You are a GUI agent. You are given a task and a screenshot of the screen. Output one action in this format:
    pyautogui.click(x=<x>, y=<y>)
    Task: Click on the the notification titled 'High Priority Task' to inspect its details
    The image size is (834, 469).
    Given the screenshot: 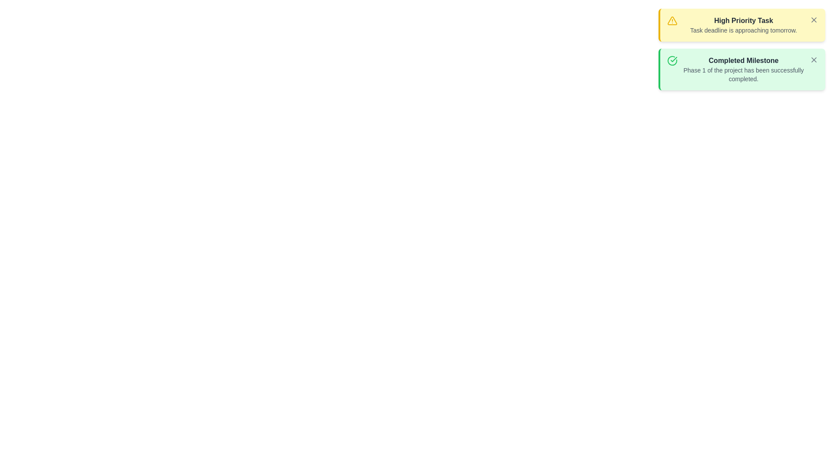 What is the action you would take?
    pyautogui.click(x=741, y=24)
    